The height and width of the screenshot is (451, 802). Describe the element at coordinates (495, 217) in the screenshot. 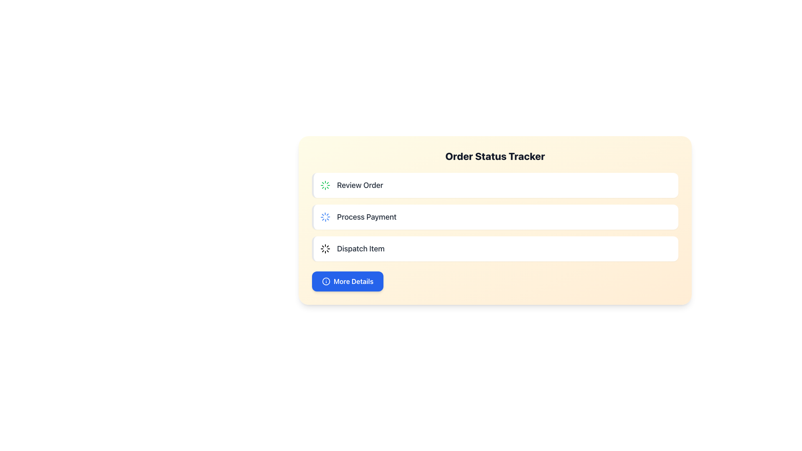

I see `the 'Process Payment' item in the 'Order Status Tracker' section, which visually represents the progression of steps in an order process` at that location.